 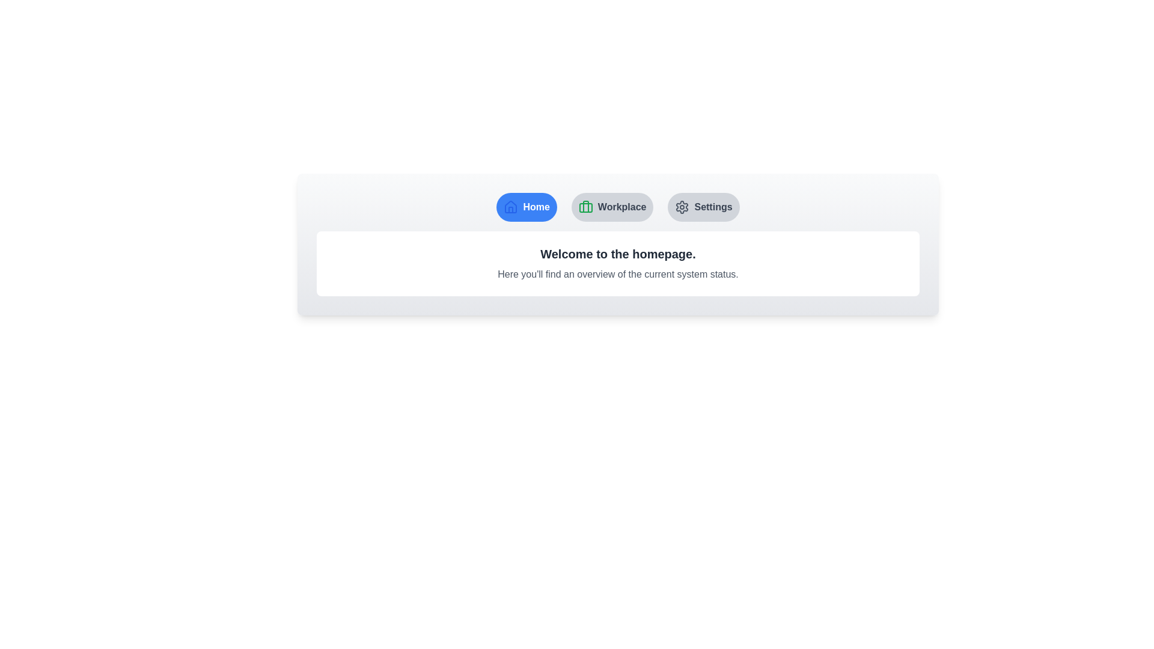 What do you see at coordinates (612, 206) in the screenshot?
I see `the button labeled Workplace to observe its hover effect` at bounding box center [612, 206].